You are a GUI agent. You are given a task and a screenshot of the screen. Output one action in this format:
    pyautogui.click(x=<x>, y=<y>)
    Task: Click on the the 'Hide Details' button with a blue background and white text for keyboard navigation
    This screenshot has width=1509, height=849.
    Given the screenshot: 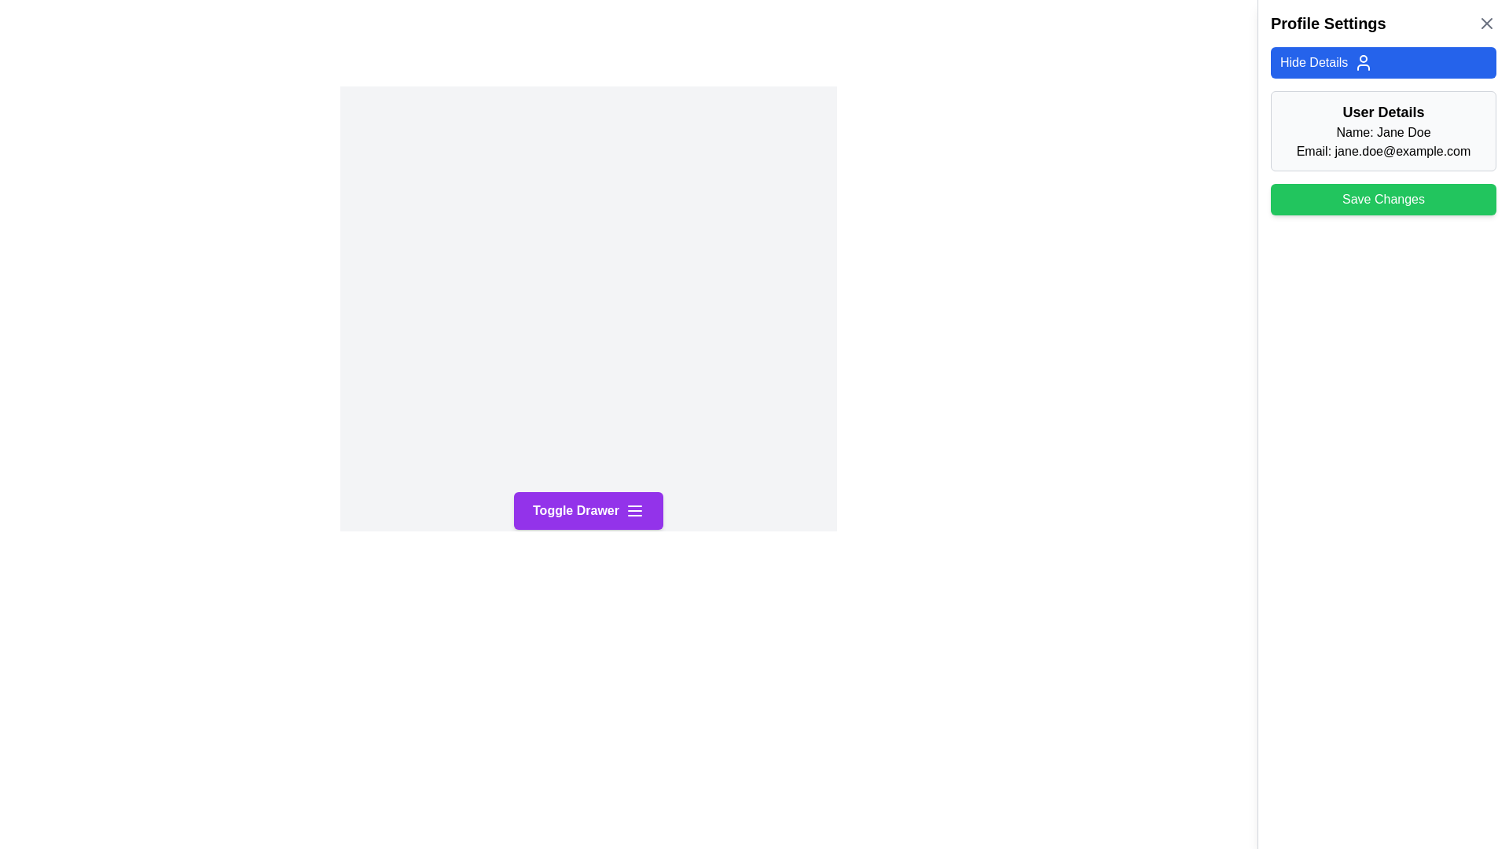 What is the action you would take?
    pyautogui.click(x=1383, y=62)
    